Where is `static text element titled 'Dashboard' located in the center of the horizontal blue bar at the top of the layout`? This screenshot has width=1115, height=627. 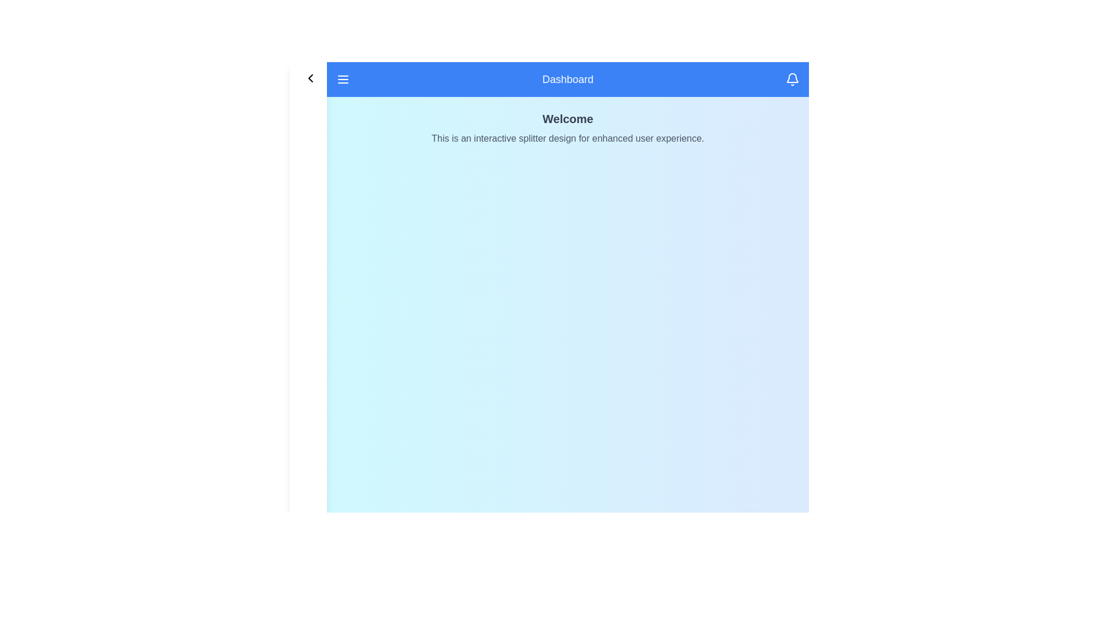 static text element titled 'Dashboard' located in the center of the horizontal blue bar at the top of the layout is located at coordinates (568, 79).